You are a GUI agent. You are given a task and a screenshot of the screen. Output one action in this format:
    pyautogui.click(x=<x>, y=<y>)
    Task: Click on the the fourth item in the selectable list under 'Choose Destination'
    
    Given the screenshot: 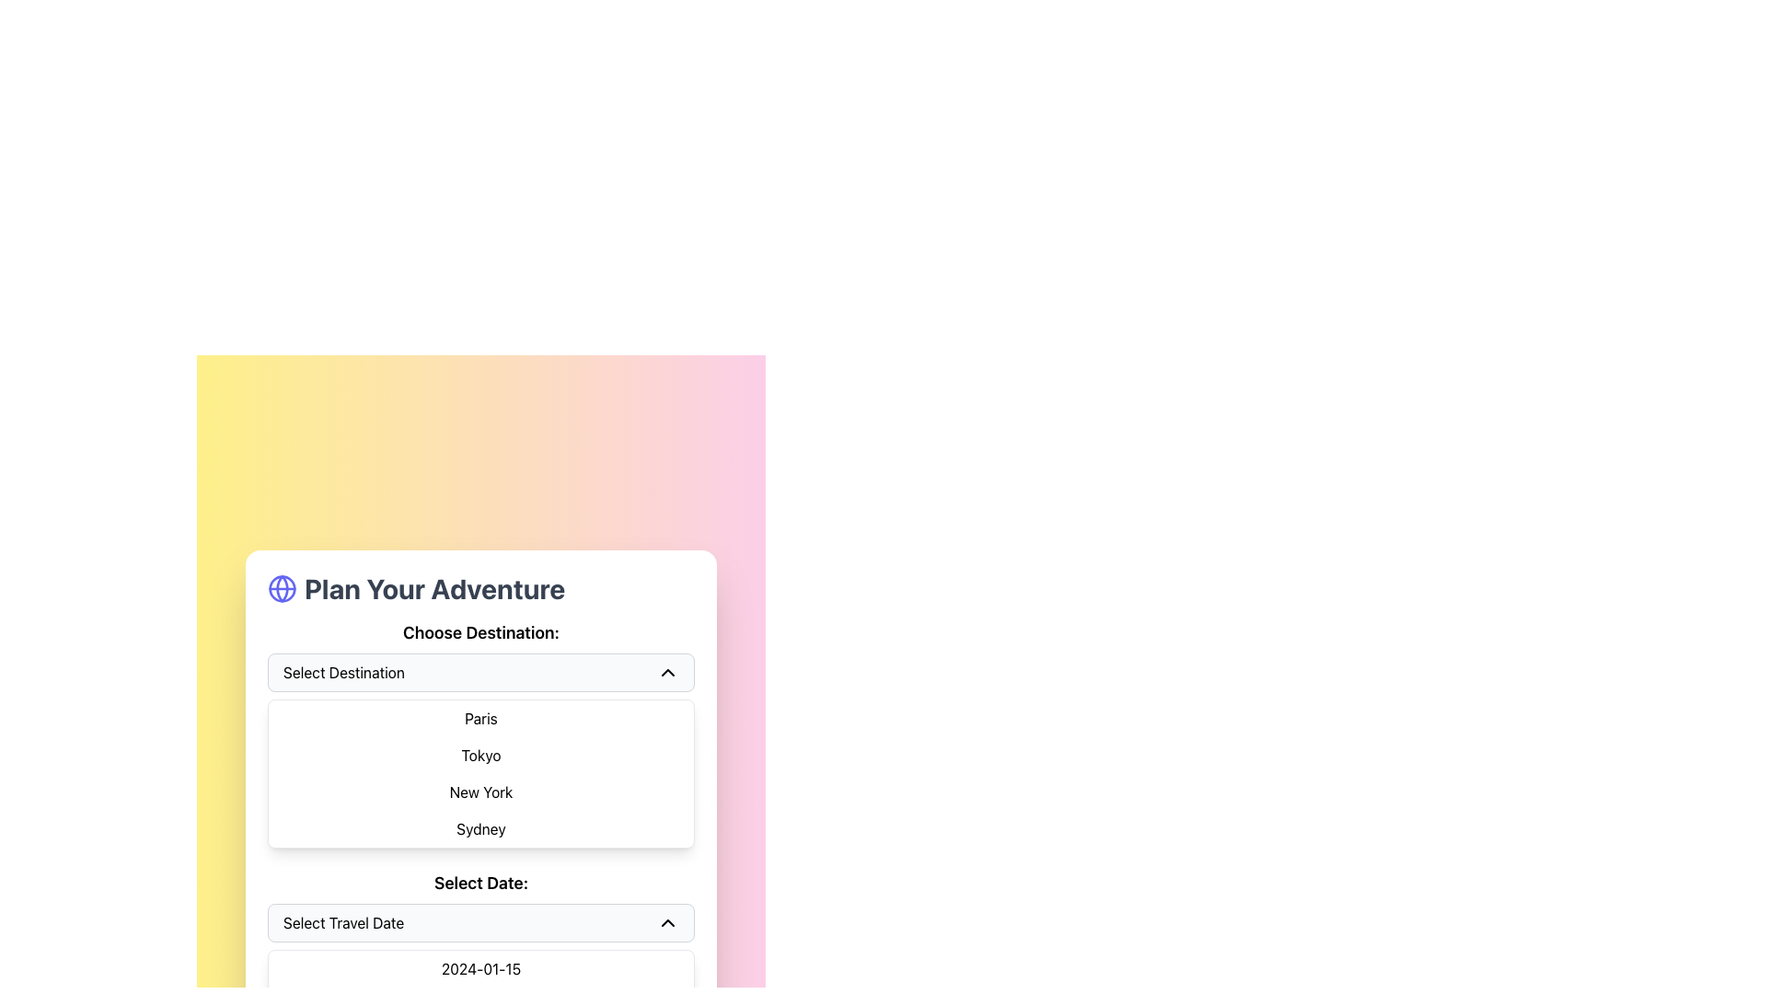 What is the action you would take?
    pyautogui.click(x=481, y=829)
    